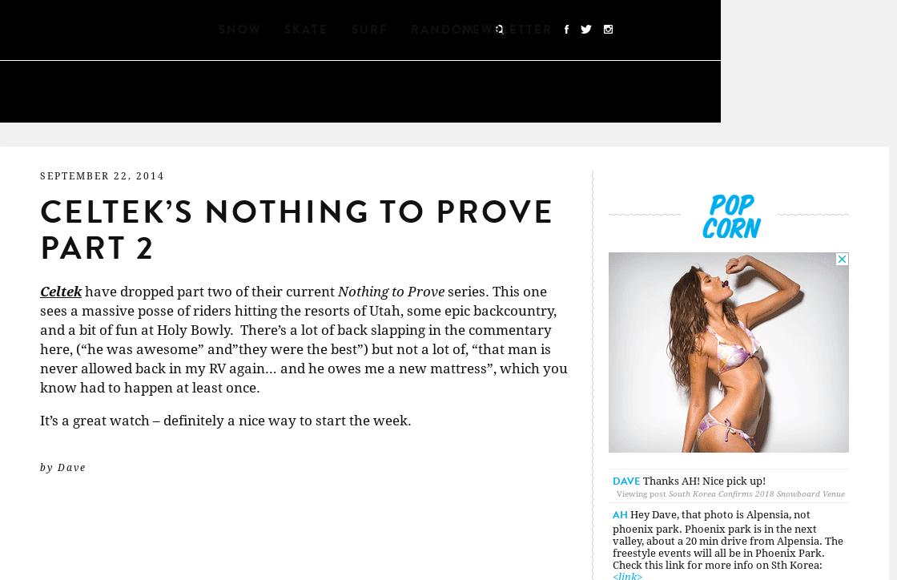  What do you see at coordinates (727, 538) in the screenshot?
I see `'Hey Dave, that photo is Alpensia, not phoenix park. Phoenix park is in the next valley, about a 20 min drive from Alpensia. The freestyle events will all be in Phoenix Park. Check this link for more info on Sth Korea:'` at bounding box center [727, 538].